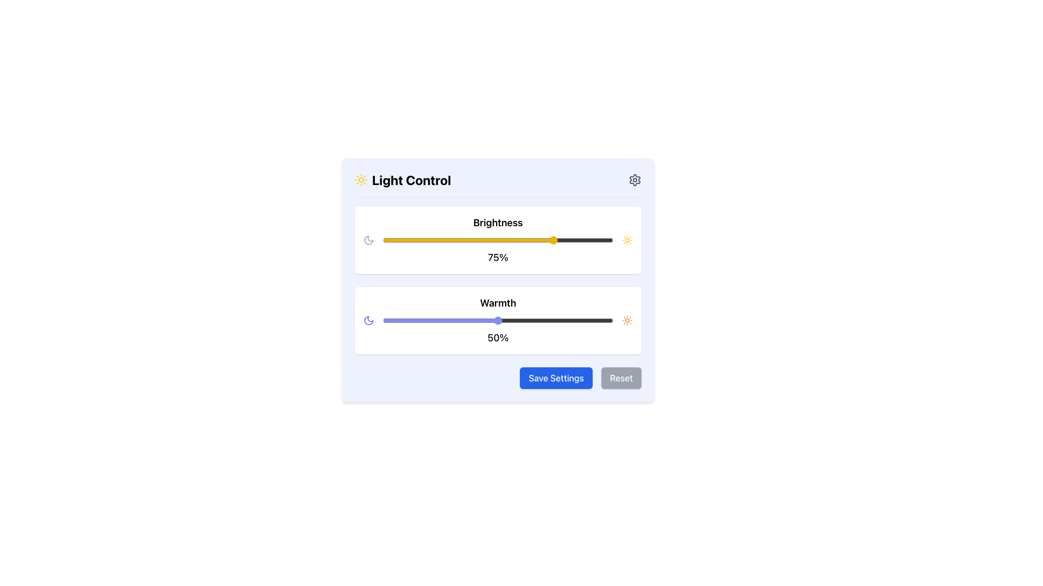 Image resolution: width=1043 pixels, height=586 pixels. I want to click on brightness, so click(396, 240).